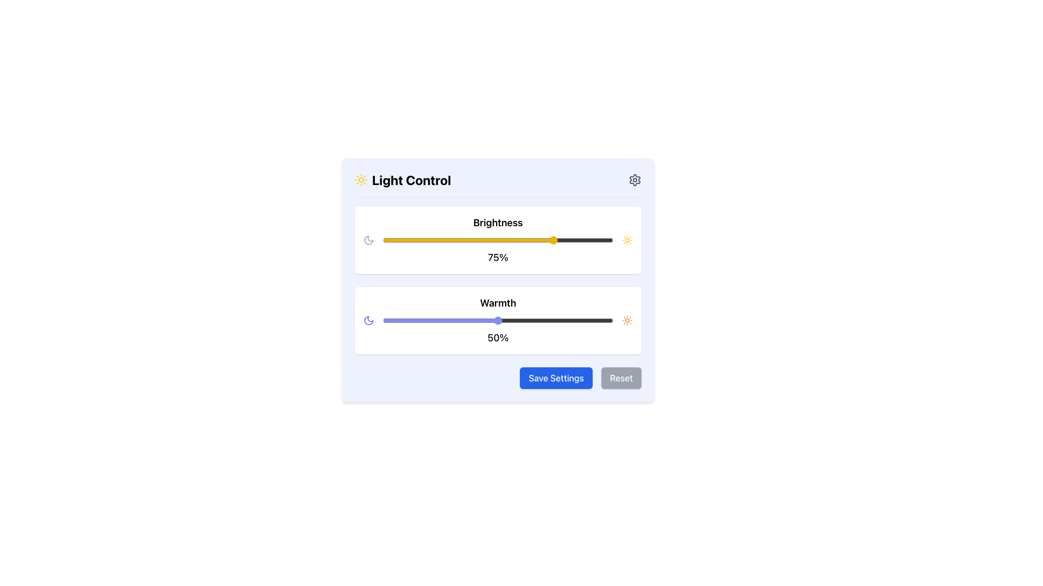 Image resolution: width=1043 pixels, height=586 pixels. I want to click on brightness, so click(396, 240).